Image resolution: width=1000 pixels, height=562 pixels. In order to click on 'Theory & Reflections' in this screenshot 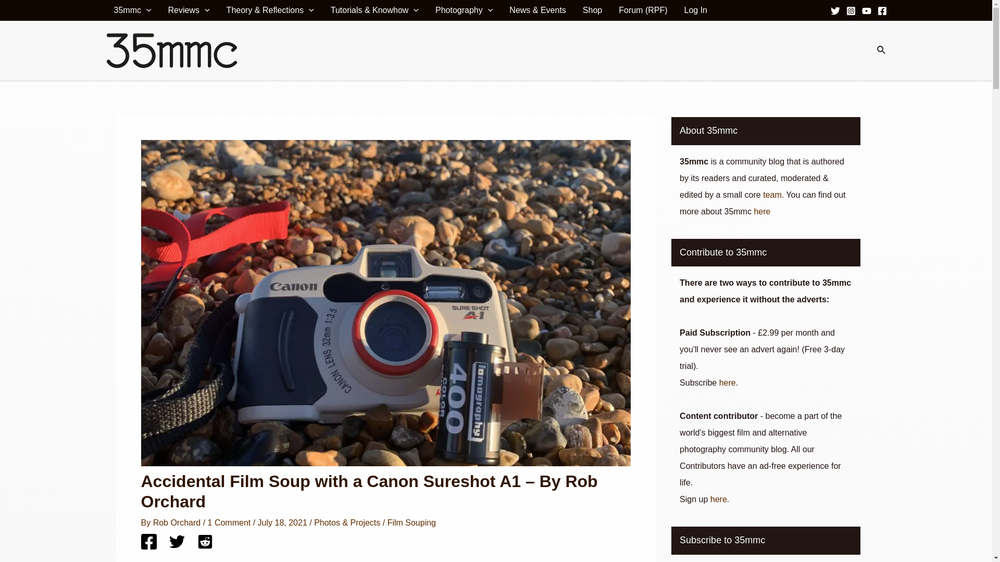, I will do `click(270, 10)`.